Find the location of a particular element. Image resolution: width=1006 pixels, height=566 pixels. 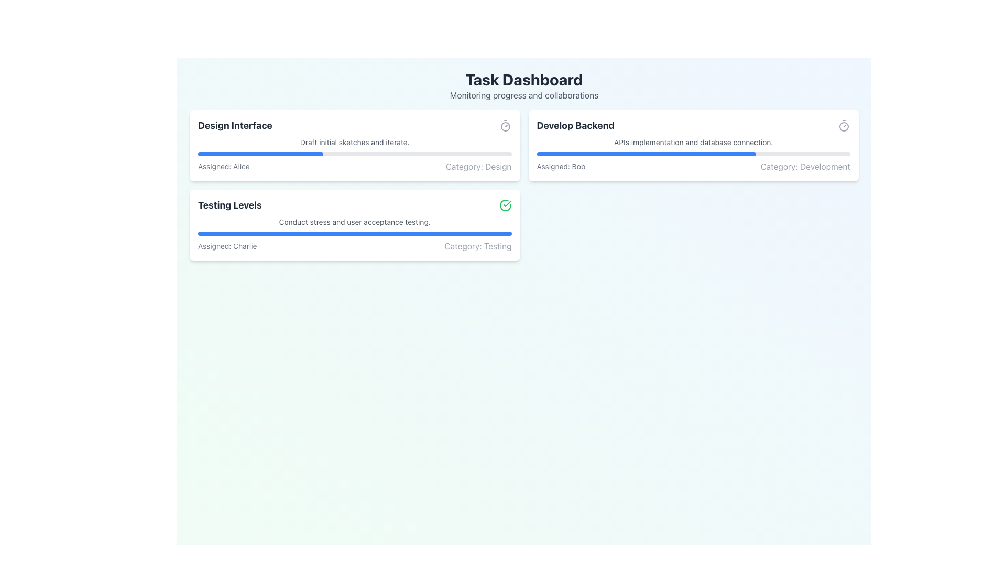

the blue progress bar located within the 'Develop Backend' task card in the 'Task Dashboard' section is located at coordinates (646, 154).